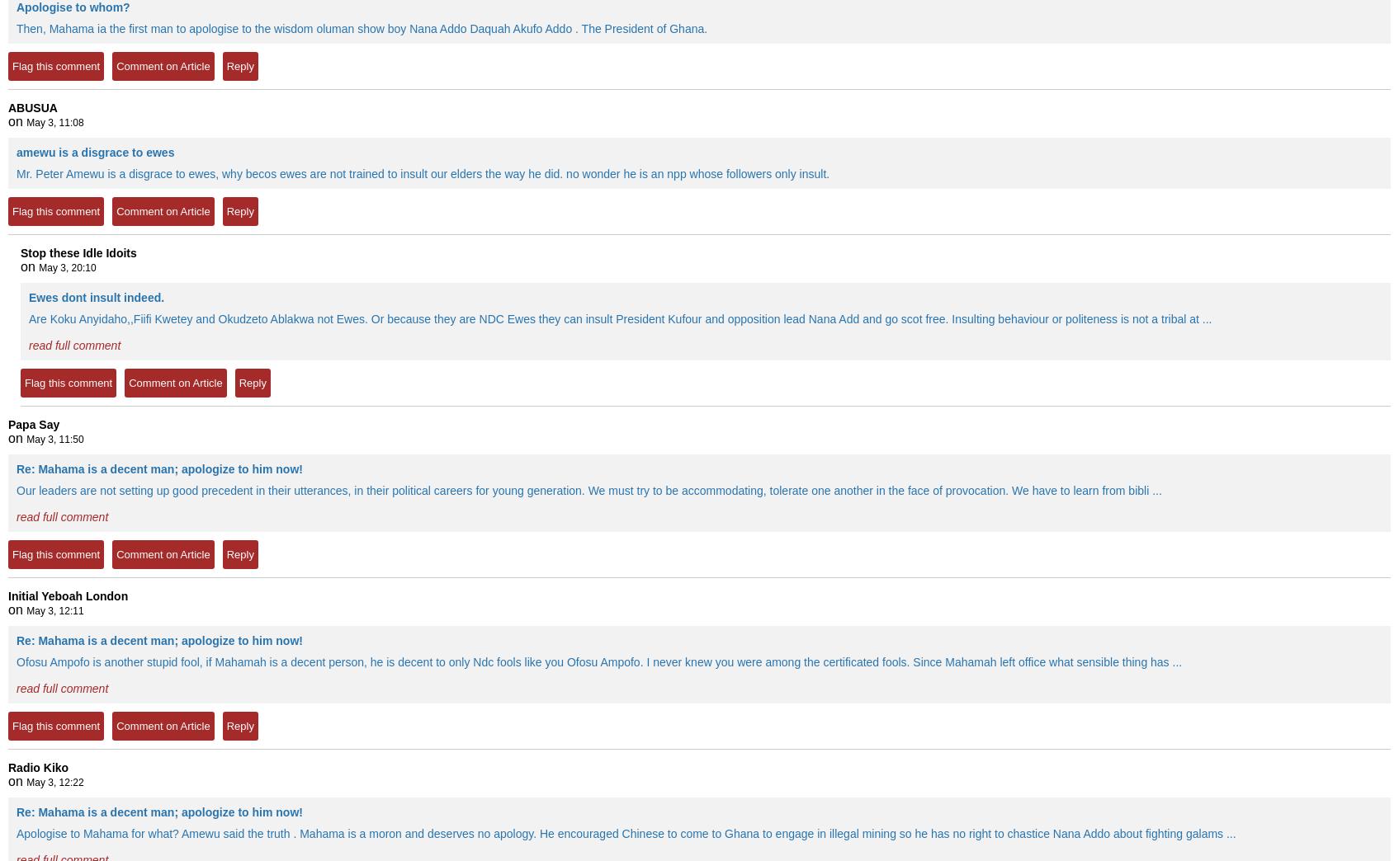  What do you see at coordinates (598, 661) in the screenshot?
I see `'Ofosu Ampofo is another stupid fool, if Mahamah is a decent person, he is decent to only Ndc fools like you Ofosu Ampofo.  I never knew you were among the certificated fools. Since Mahamah left office what sensible thing has  ...'` at bounding box center [598, 661].